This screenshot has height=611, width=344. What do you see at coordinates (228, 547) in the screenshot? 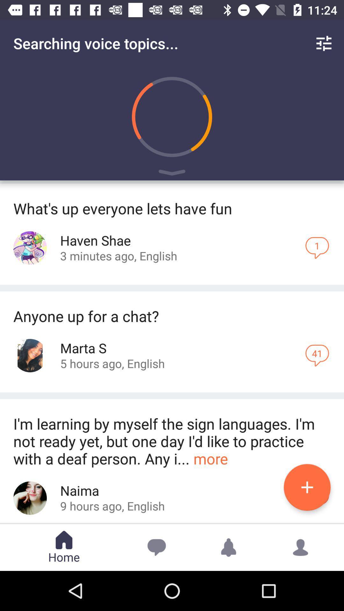
I see `the notification icon` at bounding box center [228, 547].